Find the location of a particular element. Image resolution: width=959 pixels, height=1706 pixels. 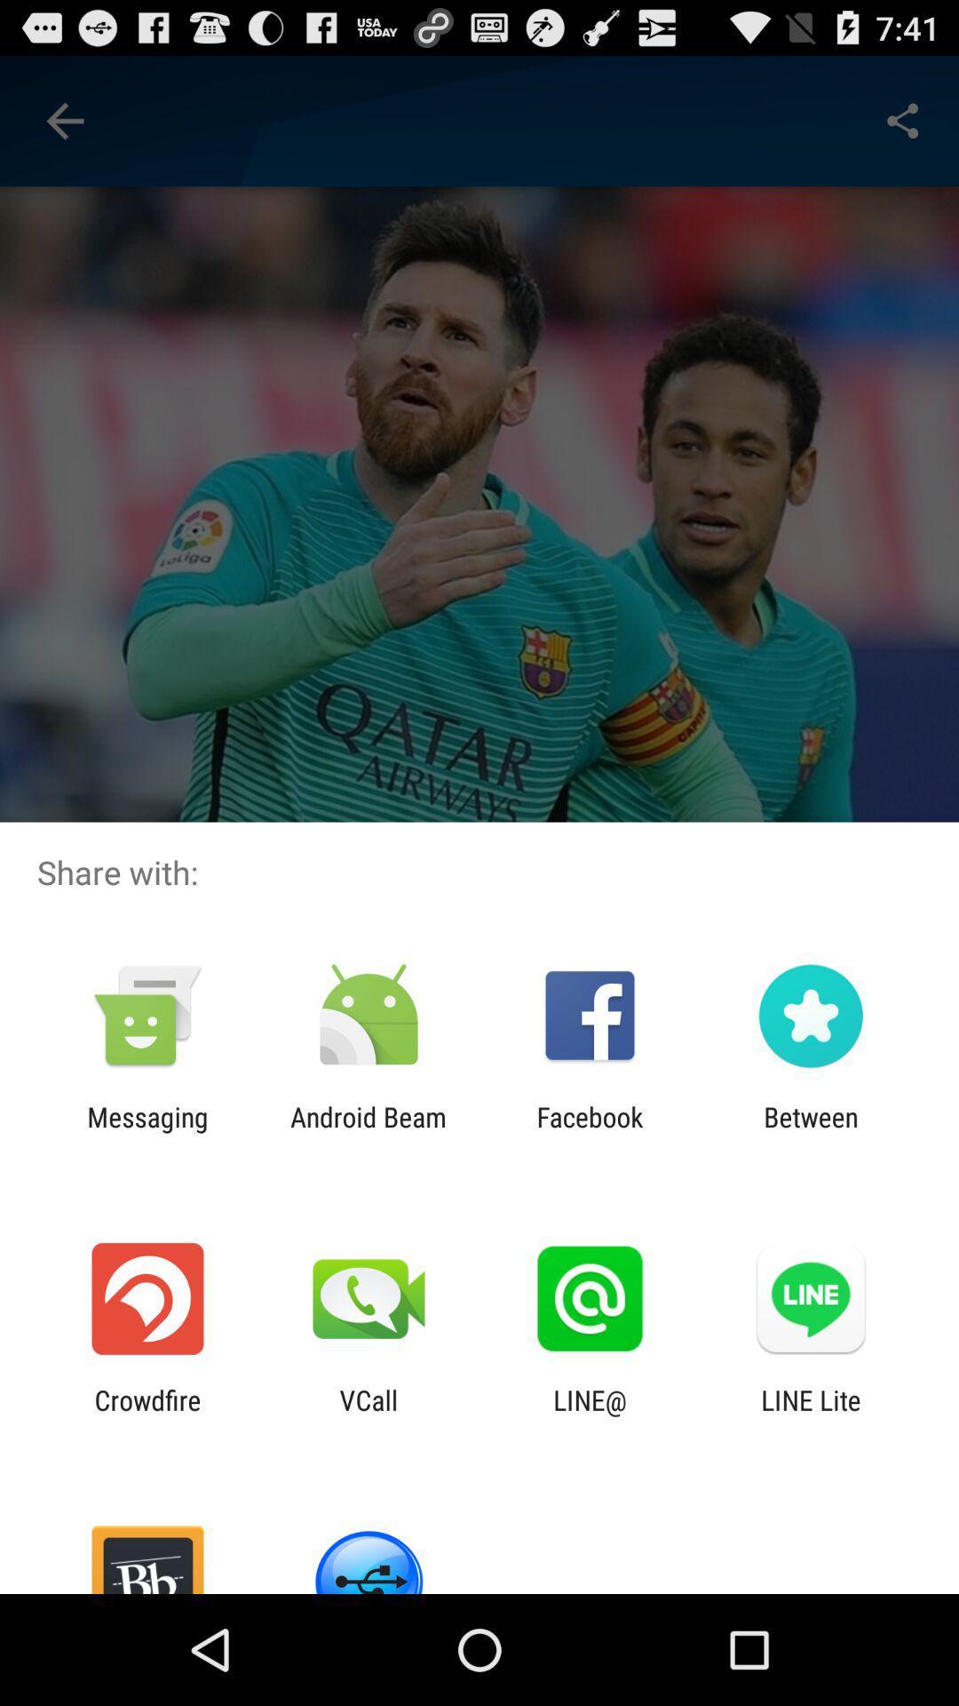

the item to the left of facebook item is located at coordinates (368, 1132).